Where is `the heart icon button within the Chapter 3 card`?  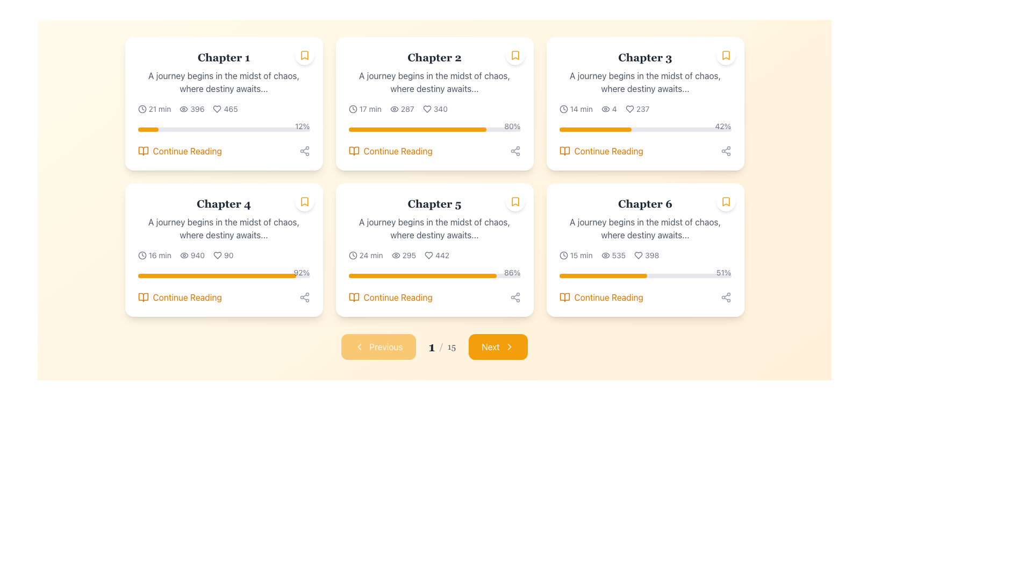 the heart icon button within the Chapter 3 card is located at coordinates (629, 109).